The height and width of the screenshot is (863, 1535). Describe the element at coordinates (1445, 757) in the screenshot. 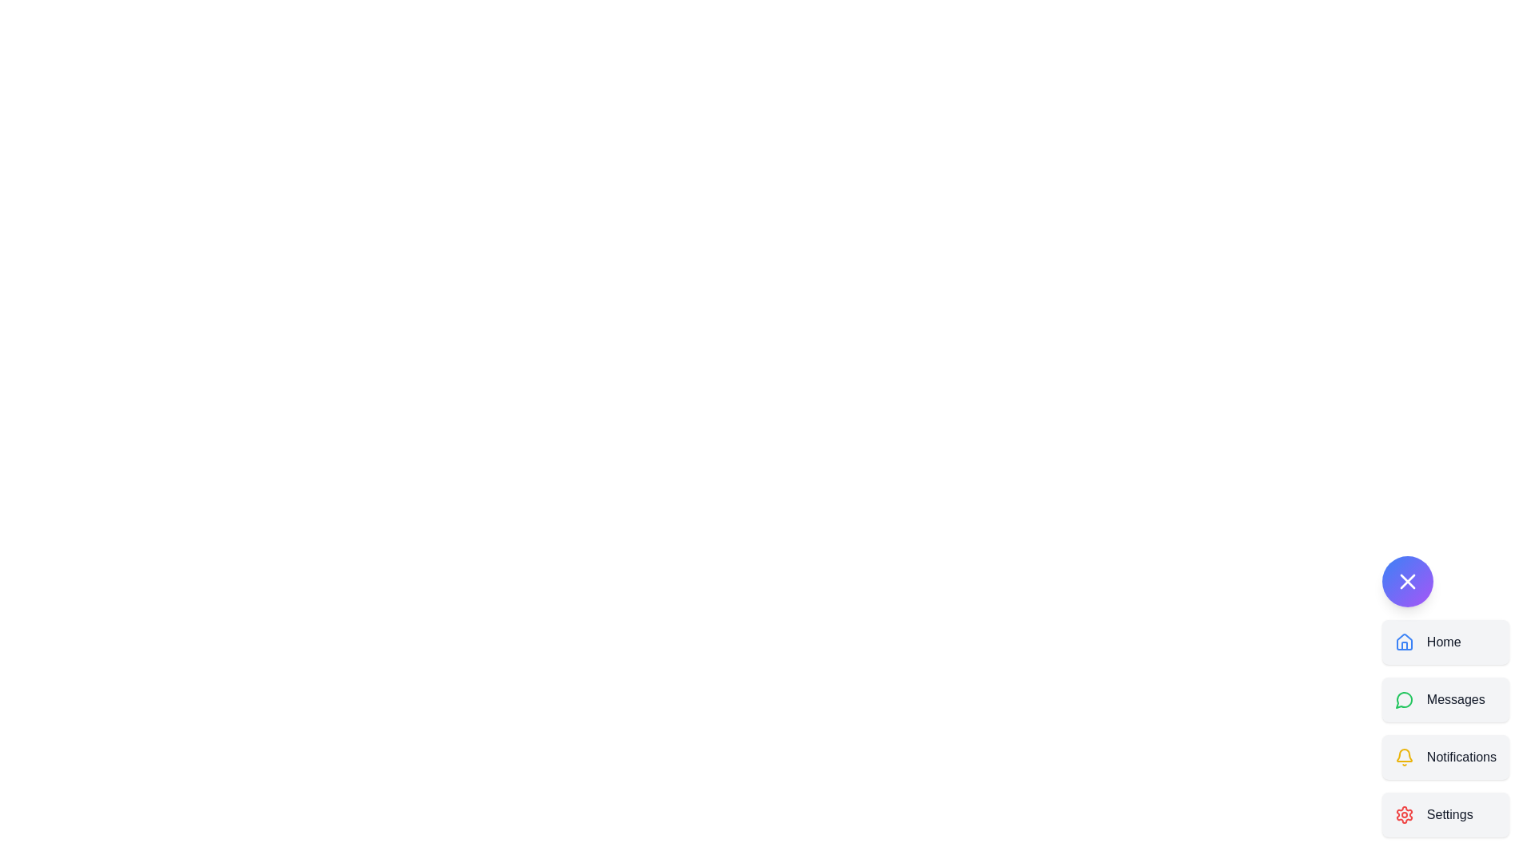

I see `the third button in the vertical list, located between the 'Messages' button and the 'Settings' button` at that location.